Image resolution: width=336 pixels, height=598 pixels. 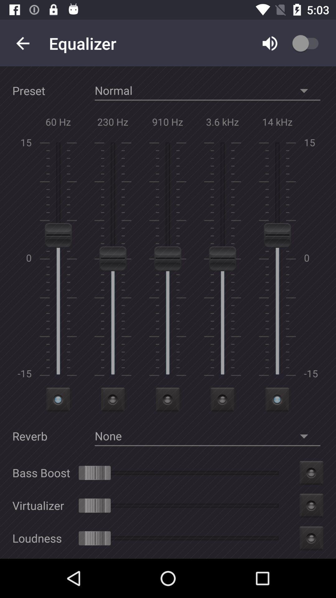 What do you see at coordinates (311, 473) in the screenshot?
I see `the button next to bass boost` at bounding box center [311, 473].